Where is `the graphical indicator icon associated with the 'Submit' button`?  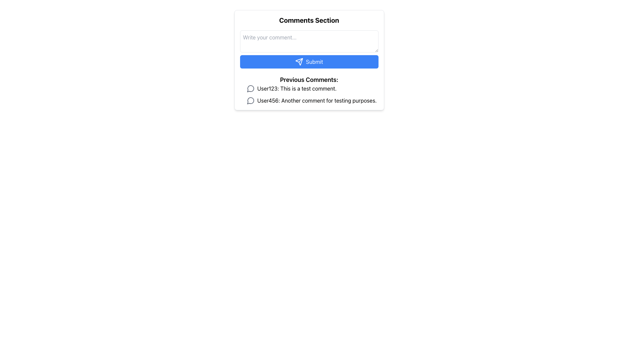 the graphical indicator icon associated with the 'Submit' button is located at coordinates (299, 62).